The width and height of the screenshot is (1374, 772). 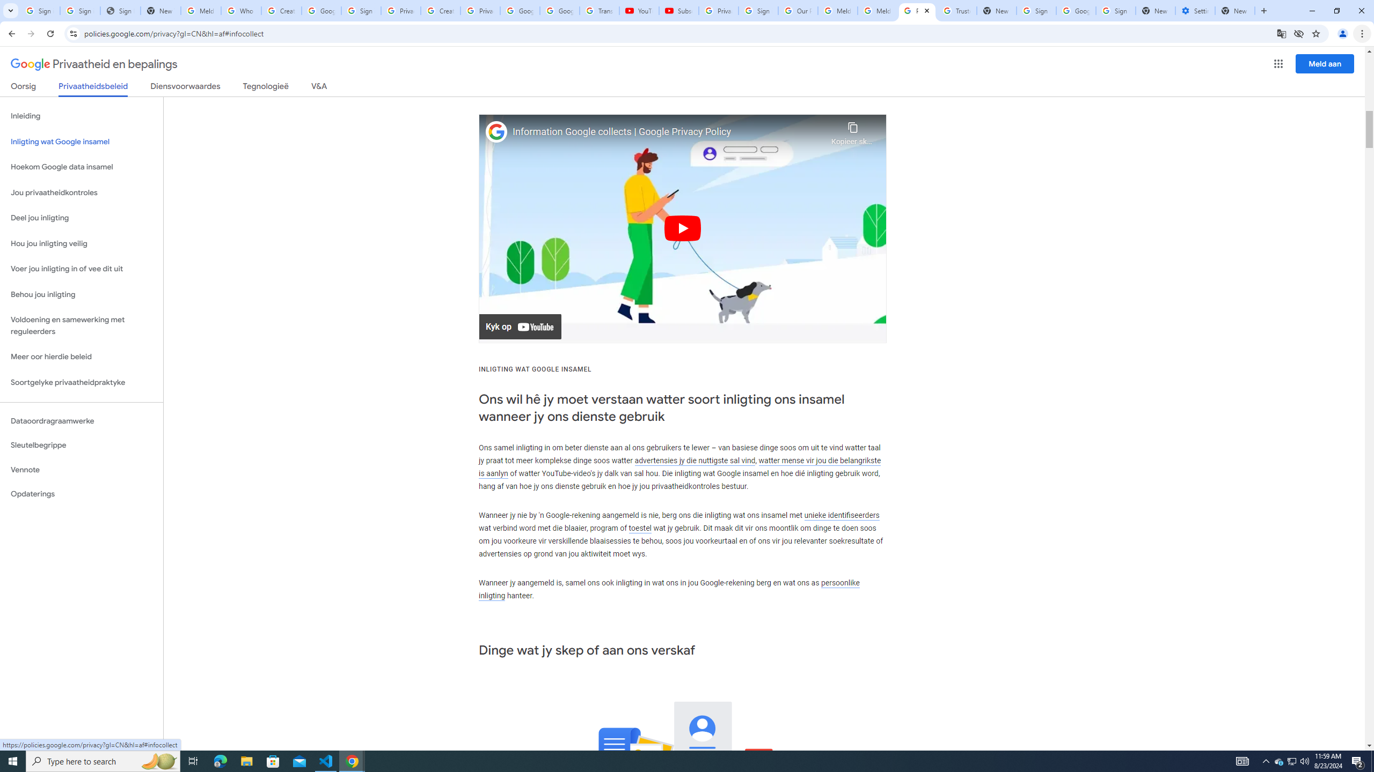 What do you see at coordinates (496, 131) in the screenshot?
I see `'Fotobeeld van Google'` at bounding box center [496, 131].